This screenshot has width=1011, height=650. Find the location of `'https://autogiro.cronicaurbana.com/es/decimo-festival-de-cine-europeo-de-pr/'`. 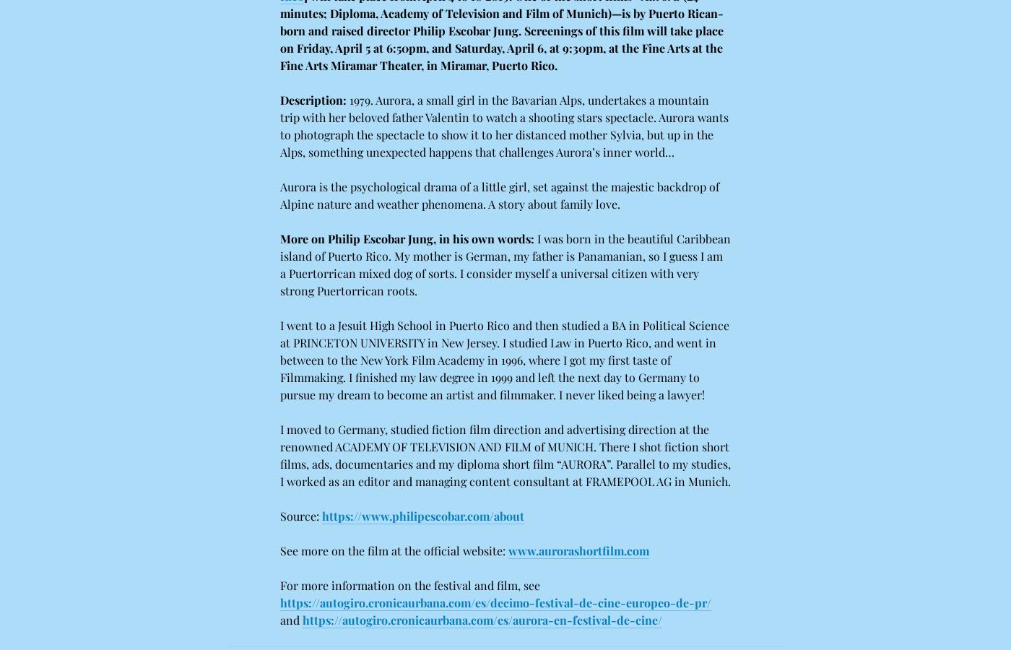

'https://autogiro.cronicaurbana.com/es/decimo-festival-de-cine-europeo-de-pr/' is located at coordinates (495, 602).